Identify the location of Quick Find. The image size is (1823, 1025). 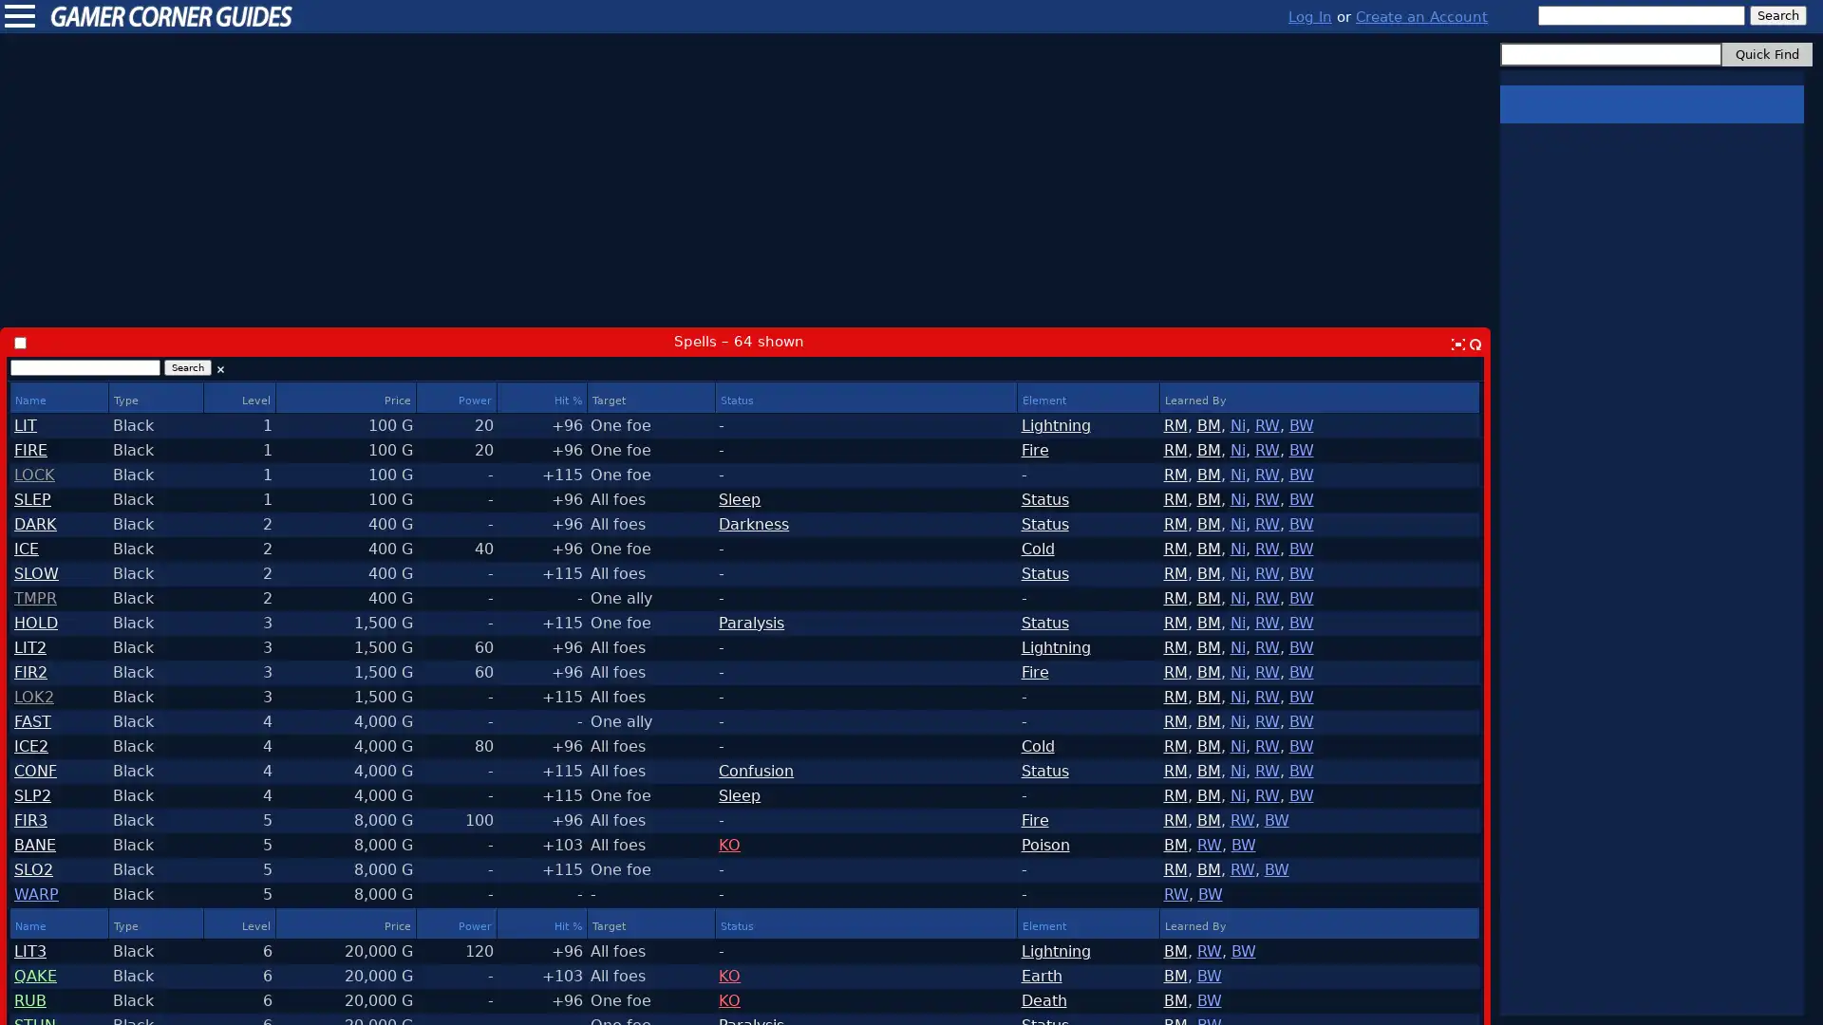
(1766, 53).